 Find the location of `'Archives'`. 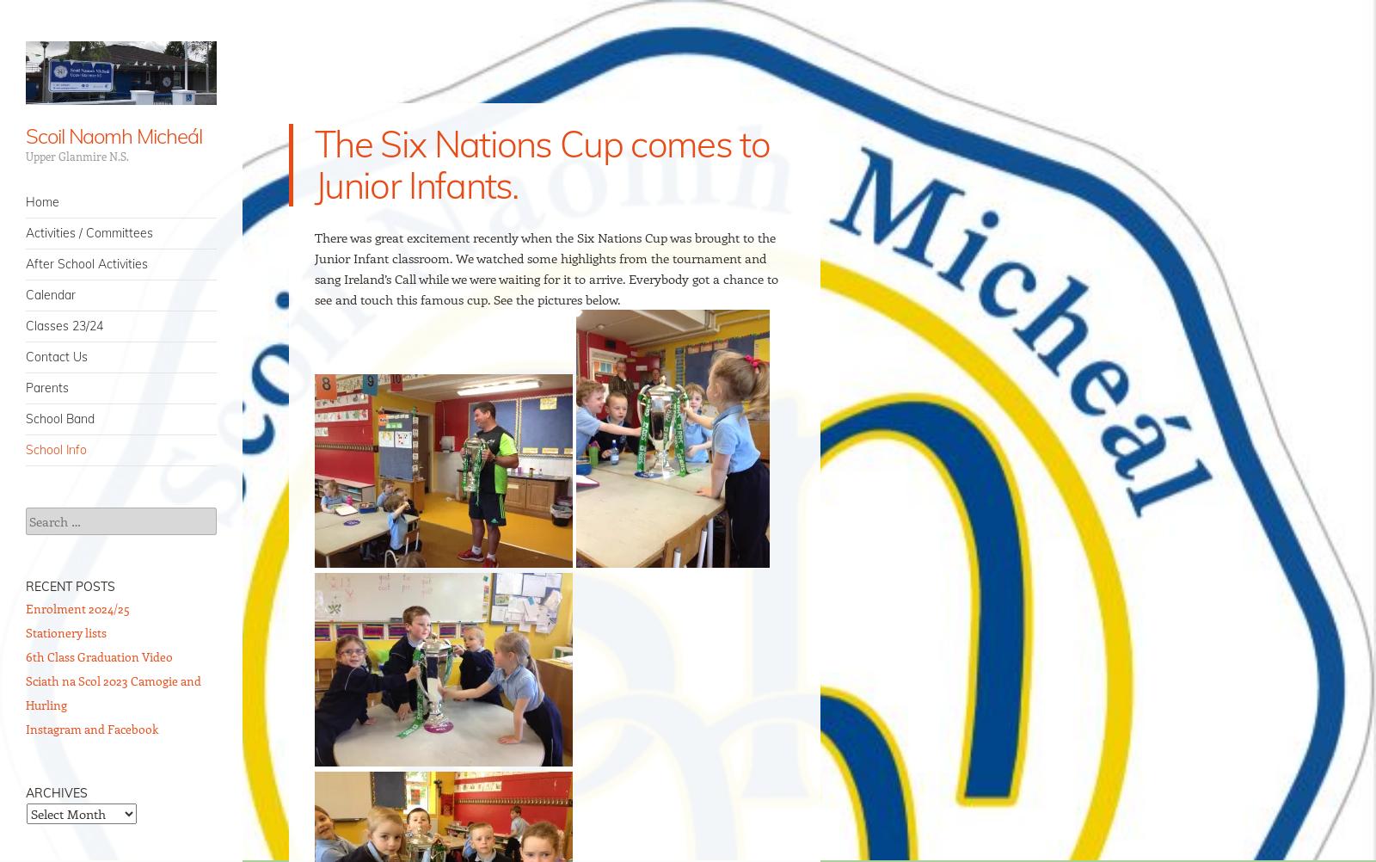

'Archives' is located at coordinates (56, 792).